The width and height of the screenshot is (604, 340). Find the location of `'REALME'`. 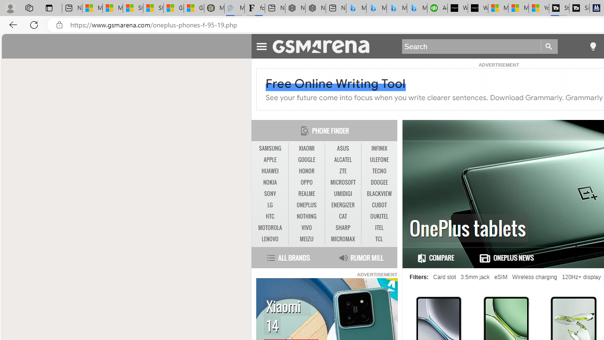

'REALME' is located at coordinates (307, 194).